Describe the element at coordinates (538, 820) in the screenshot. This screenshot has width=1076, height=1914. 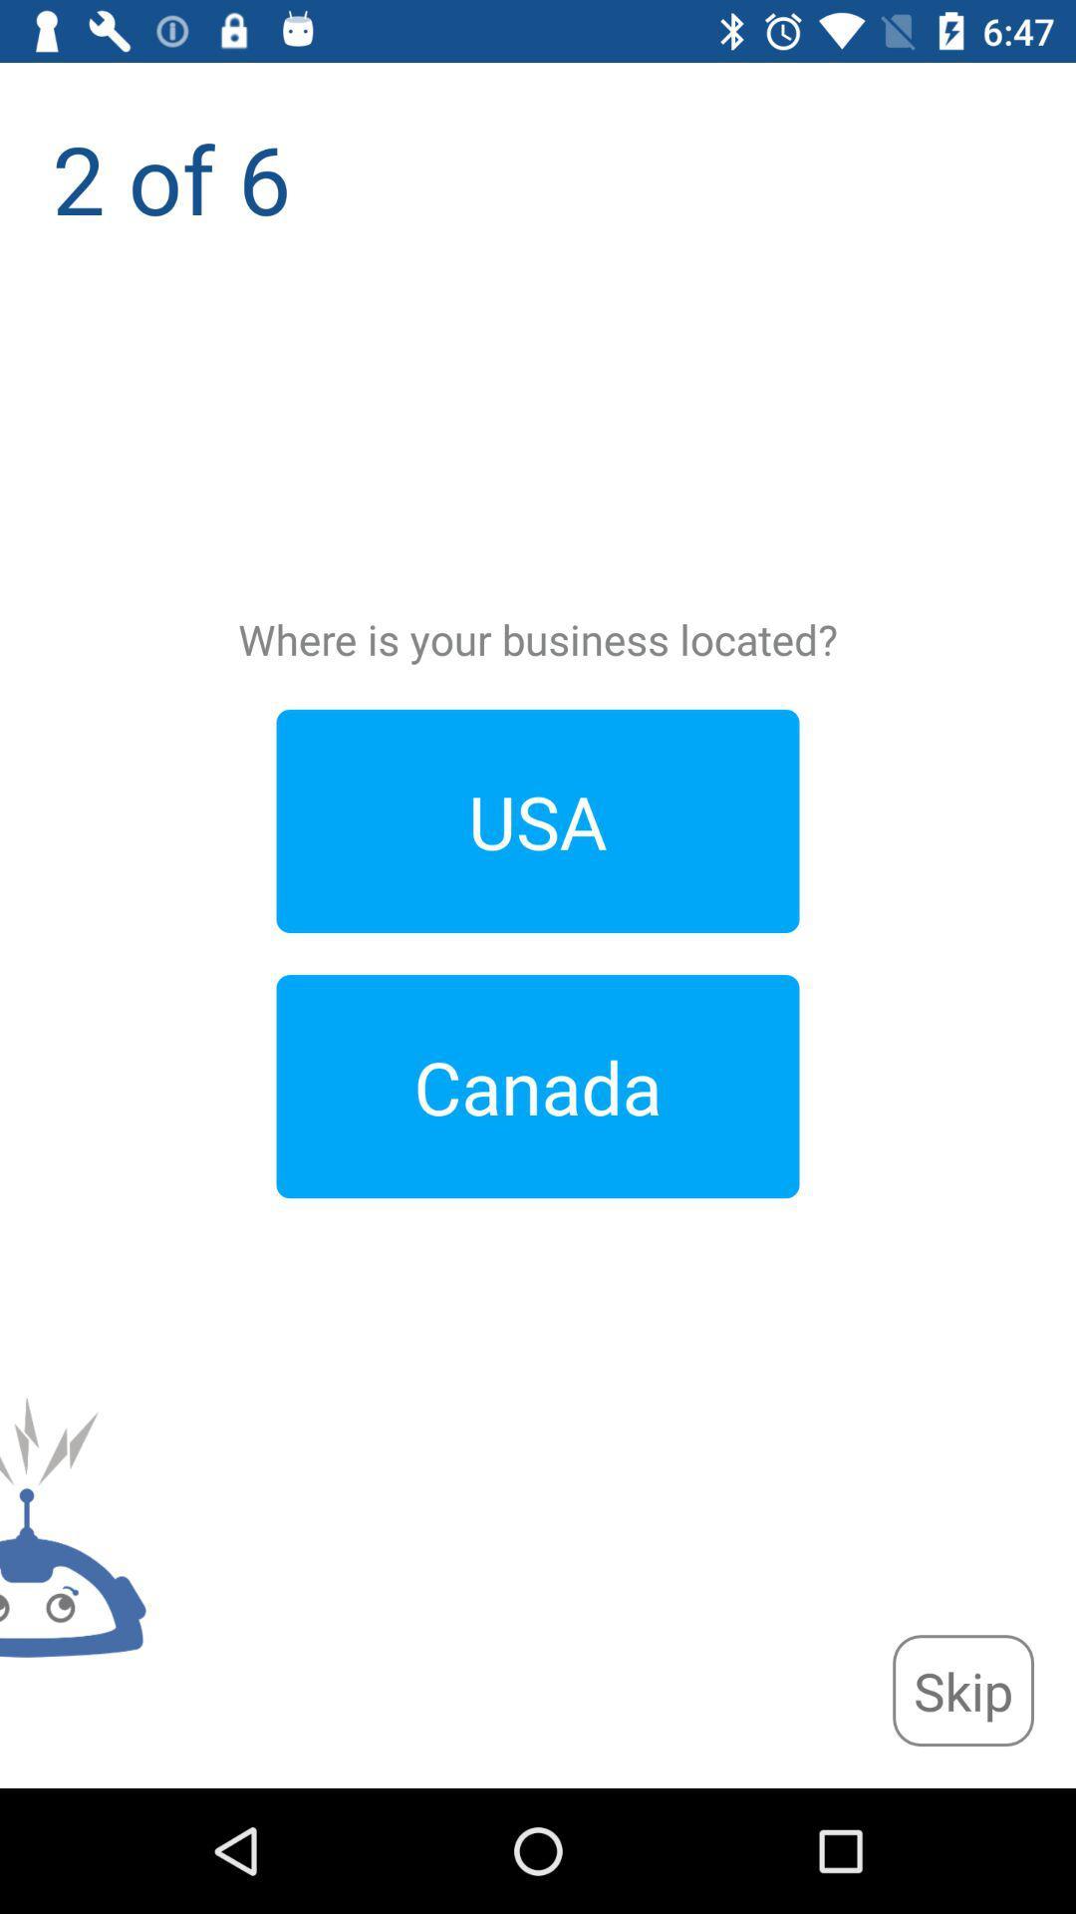
I see `the usa item` at that location.